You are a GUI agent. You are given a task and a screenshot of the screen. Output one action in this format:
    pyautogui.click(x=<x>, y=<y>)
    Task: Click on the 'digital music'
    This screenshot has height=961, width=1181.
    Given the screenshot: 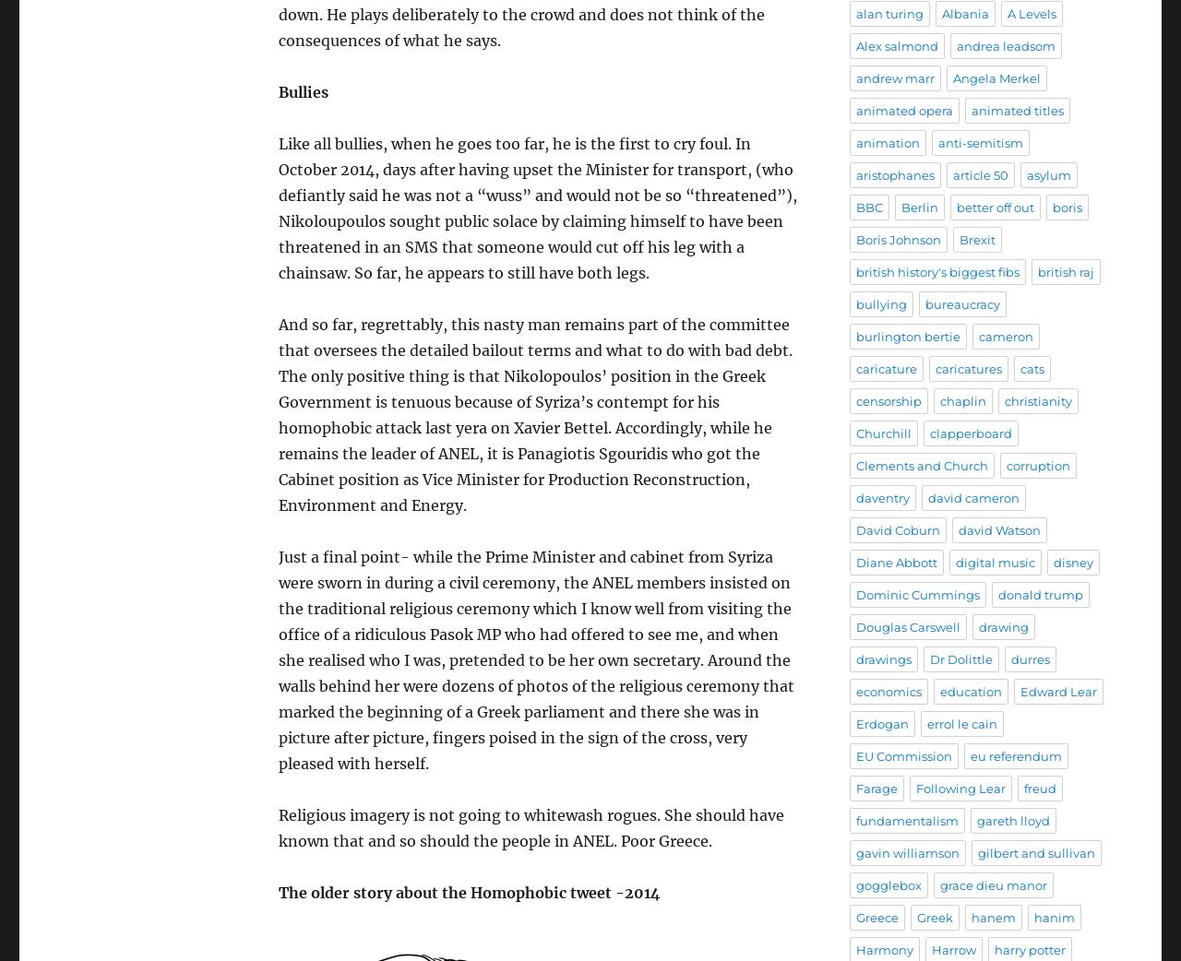 What is the action you would take?
    pyautogui.click(x=956, y=562)
    